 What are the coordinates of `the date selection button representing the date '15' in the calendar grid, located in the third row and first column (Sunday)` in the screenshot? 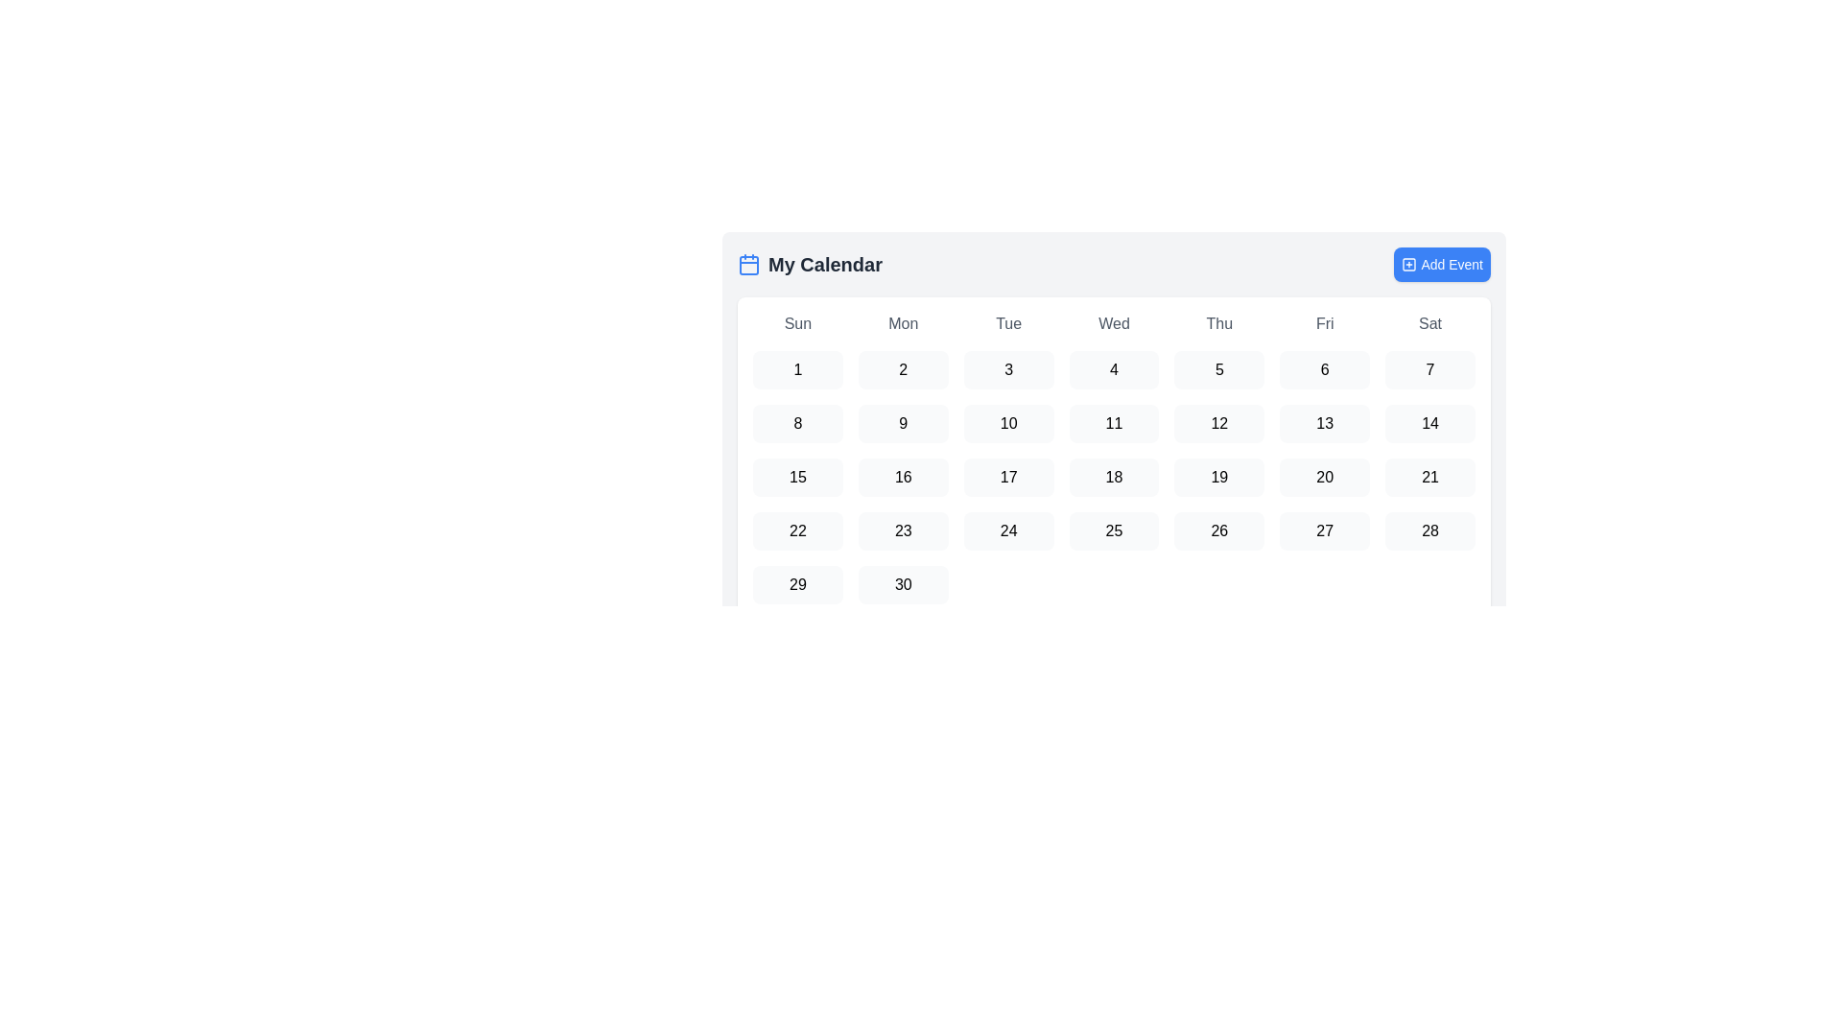 It's located at (797, 476).